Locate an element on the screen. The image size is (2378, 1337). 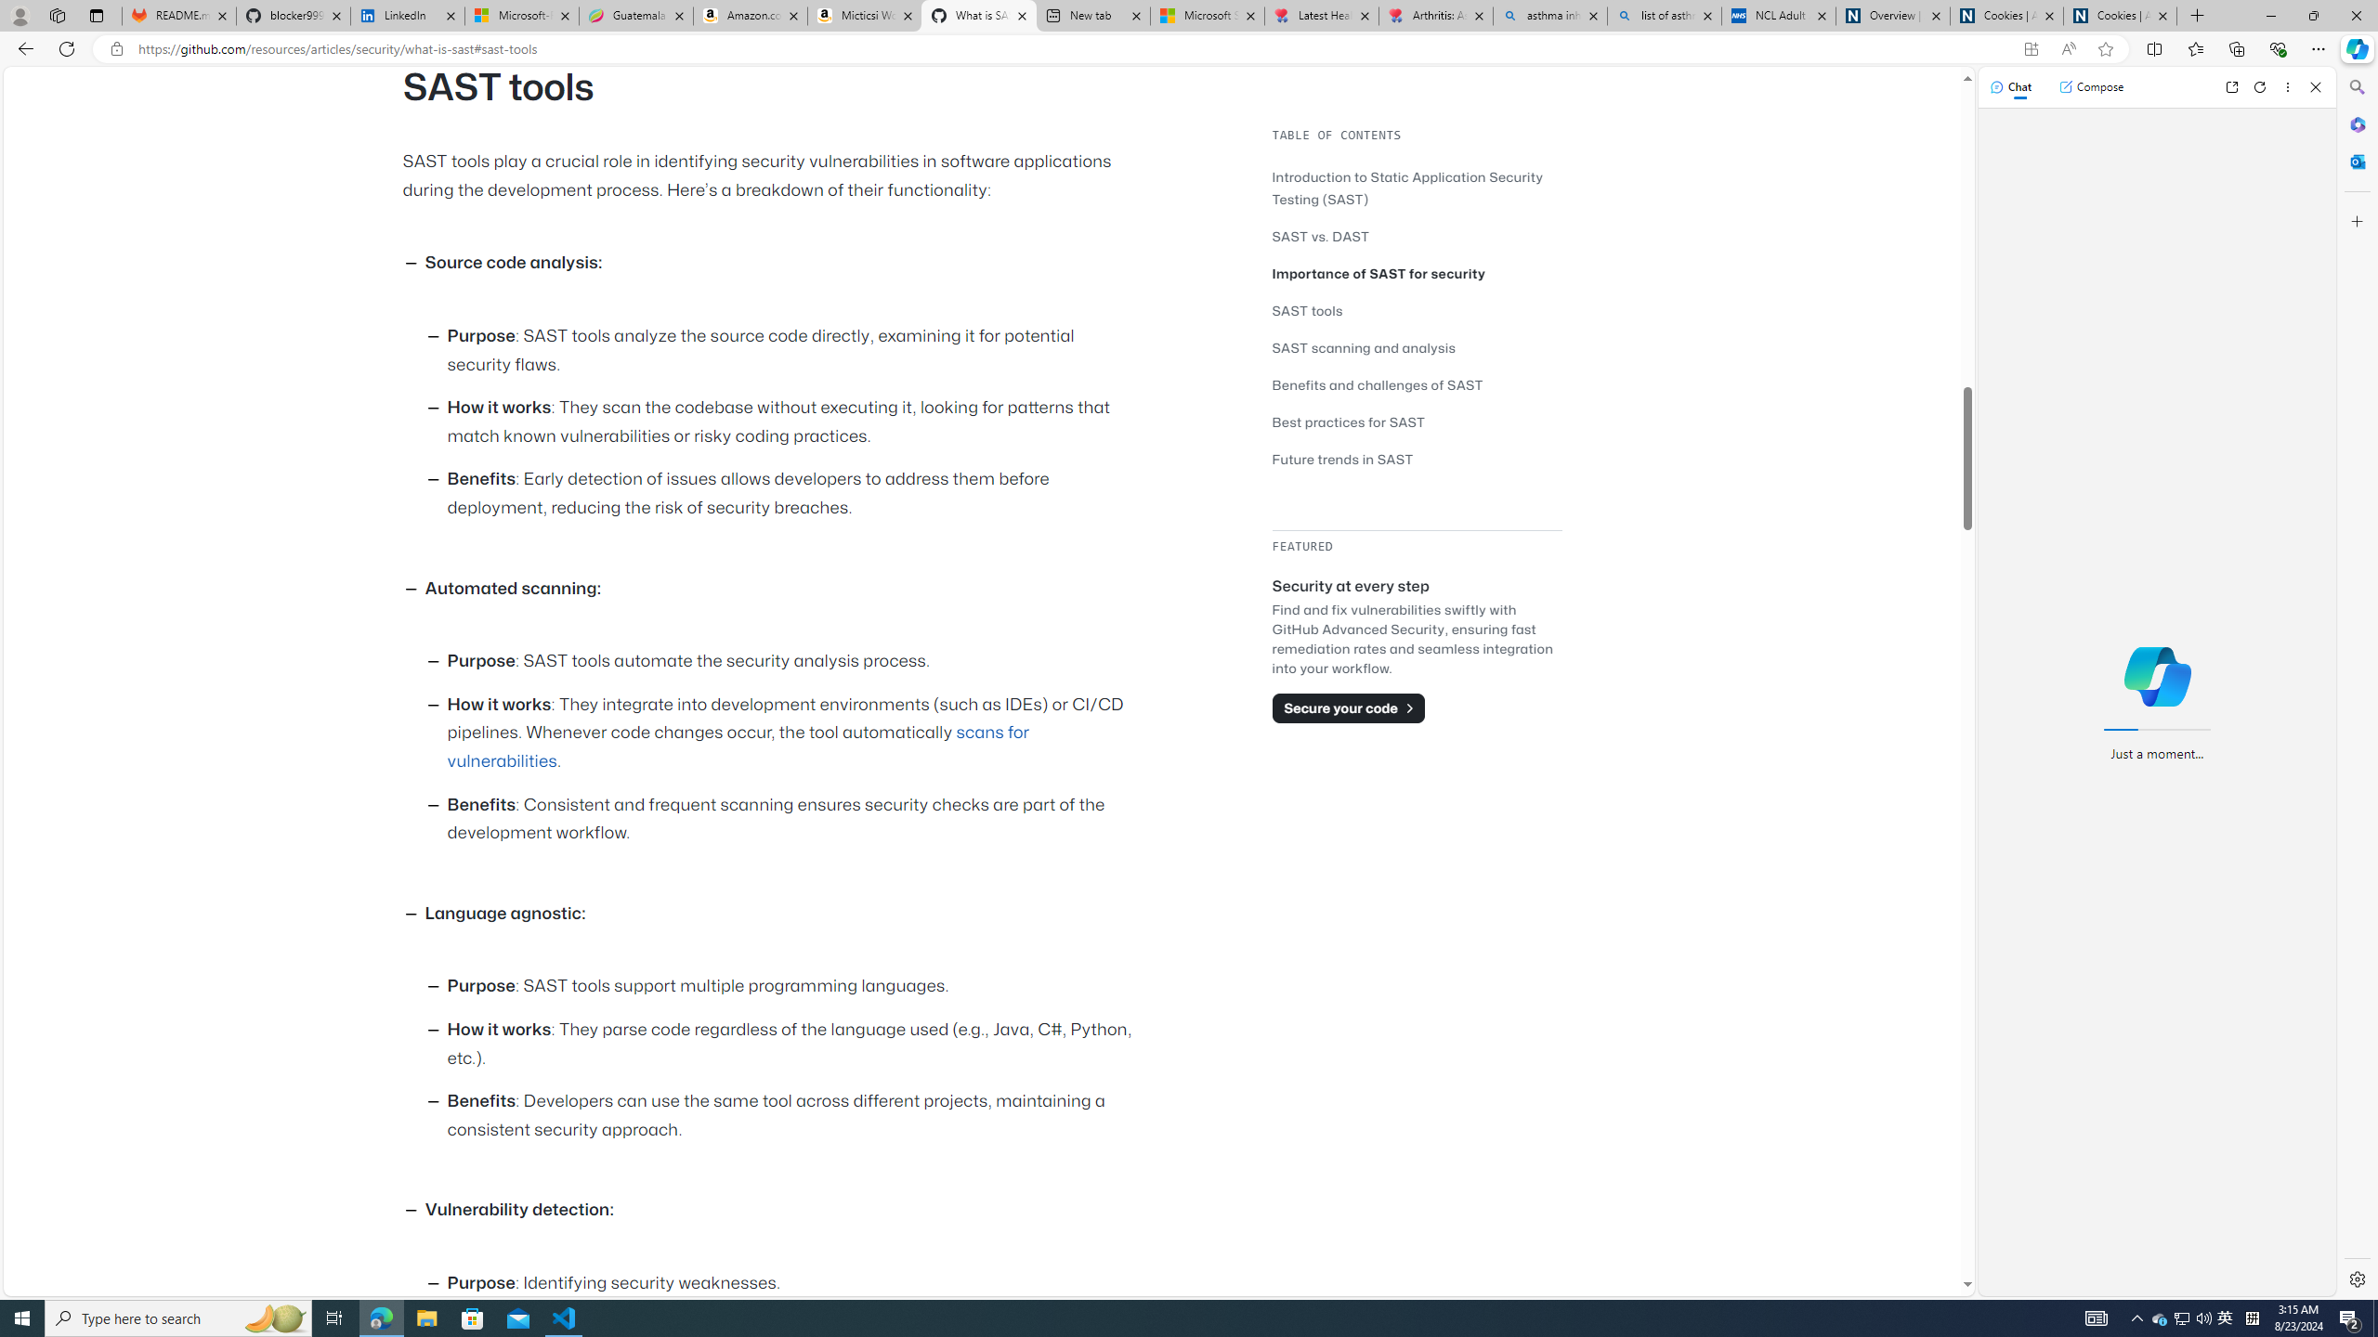
'Introduction to Static Application Security Testing (SAST)' is located at coordinates (1416, 188).